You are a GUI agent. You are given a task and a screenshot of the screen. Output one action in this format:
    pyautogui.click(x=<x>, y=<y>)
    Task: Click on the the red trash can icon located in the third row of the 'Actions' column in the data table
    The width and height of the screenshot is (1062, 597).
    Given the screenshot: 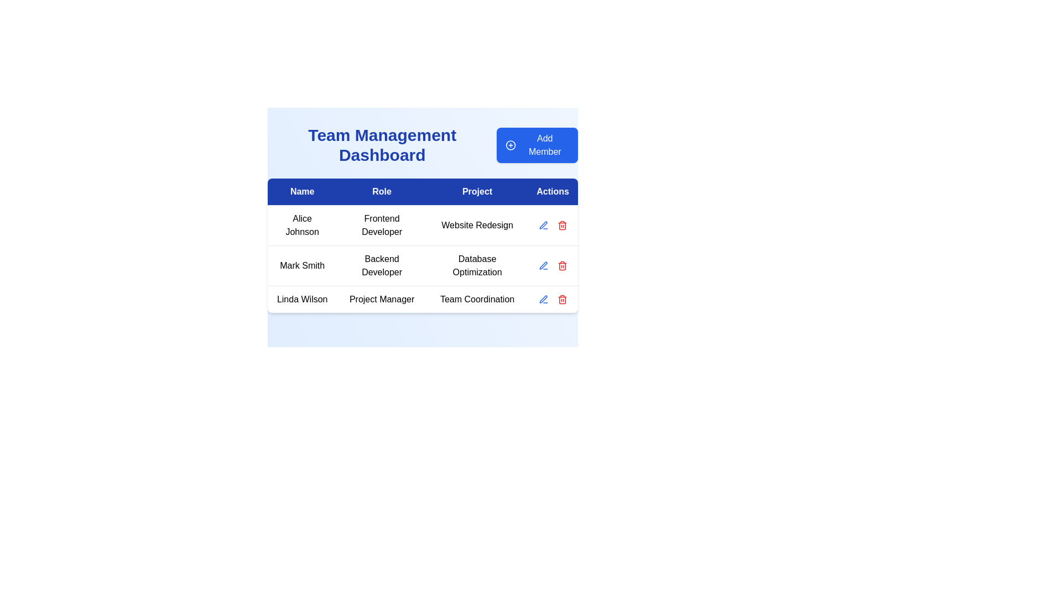 What is the action you would take?
    pyautogui.click(x=562, y=300)
    